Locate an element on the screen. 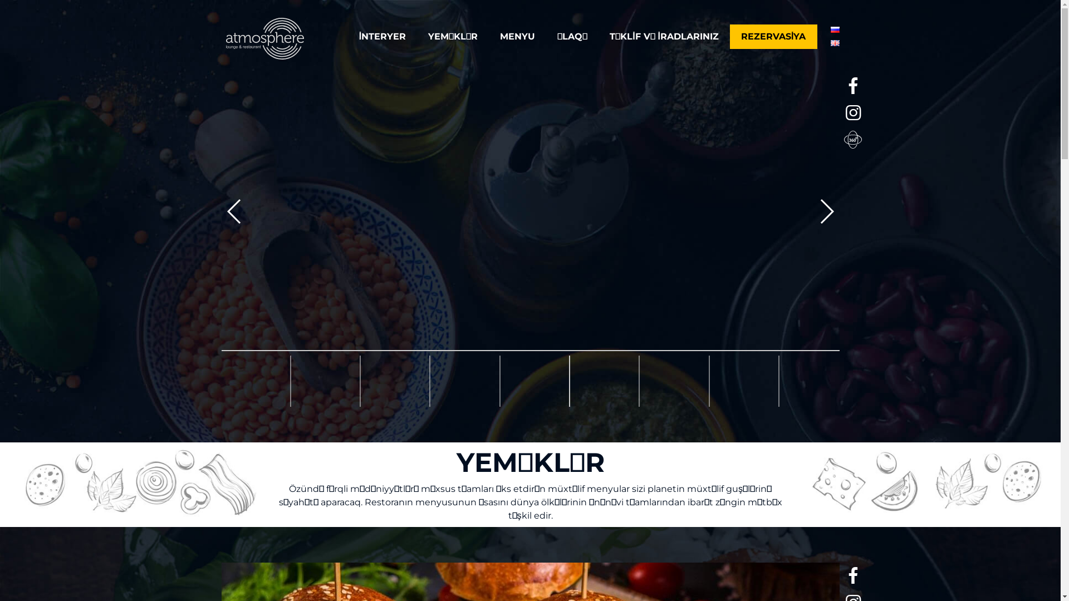  'MENYU' is located at coordinates (517, 36).